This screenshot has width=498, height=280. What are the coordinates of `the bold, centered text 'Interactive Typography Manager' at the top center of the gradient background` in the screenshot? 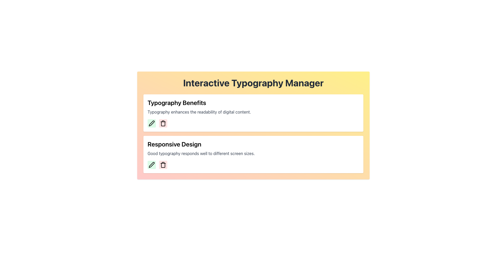 It's located at (253, 83).